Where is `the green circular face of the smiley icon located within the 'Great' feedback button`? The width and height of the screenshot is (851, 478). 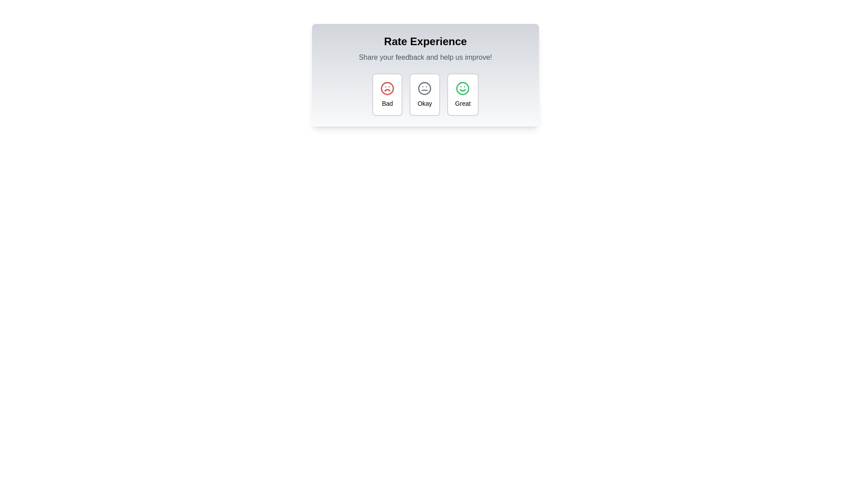
the green circular face of the smiley icon located within the 'Great' feedback button is located at coordinates (462, 89).